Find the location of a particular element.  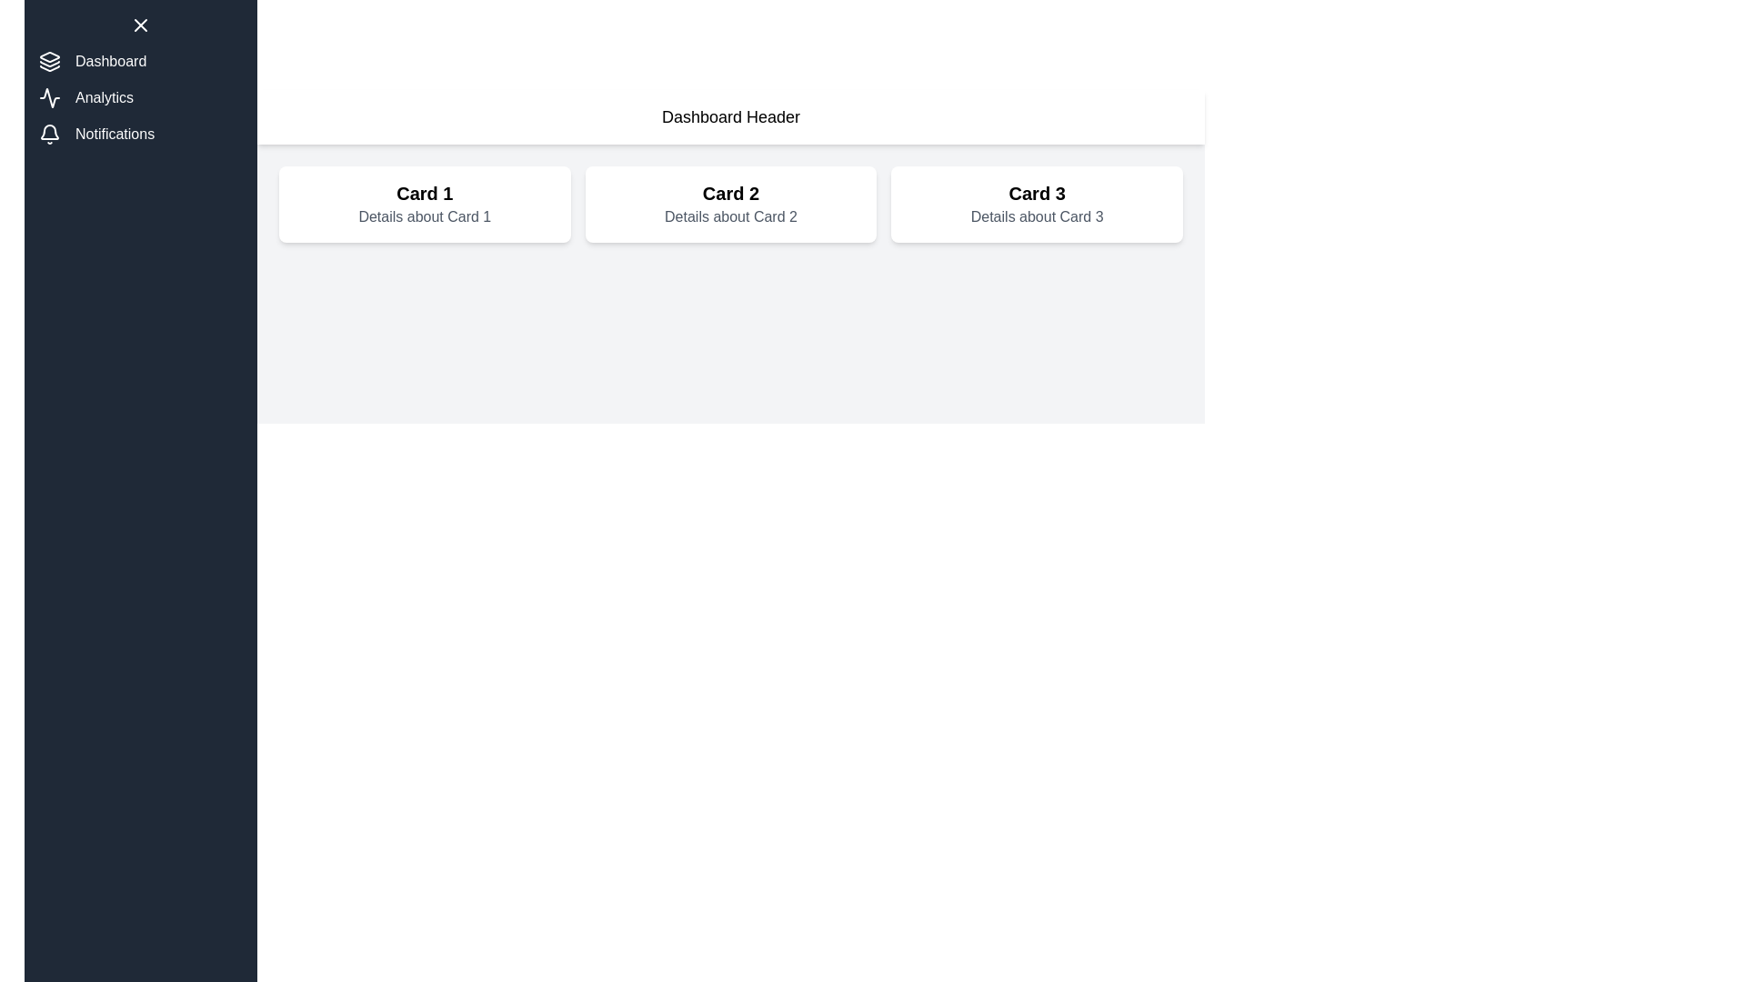

the bold text label that reads 'Card 1', which is prominently displayed at the top of its card layout is located at coordinates (424, 193).